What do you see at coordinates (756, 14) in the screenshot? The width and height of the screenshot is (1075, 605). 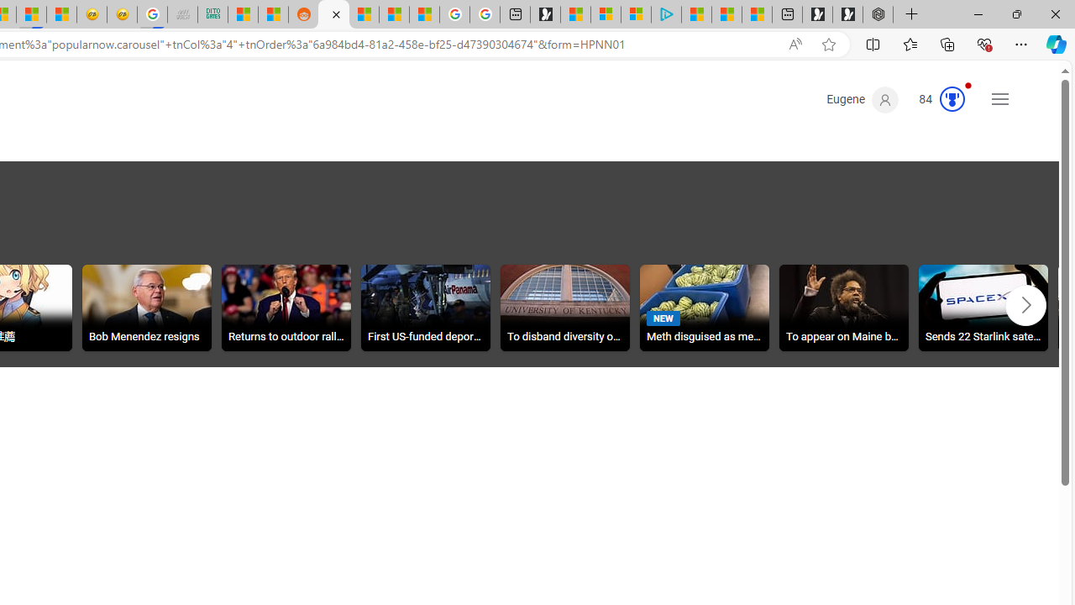 I see `'These 3 Stocks Pay You More Than 5% to Own Them'` at bounding box center [756, 14].